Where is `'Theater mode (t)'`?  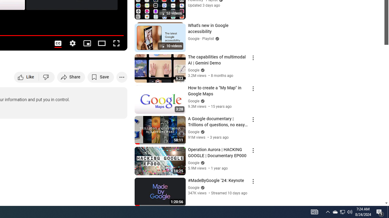
'Theater mode (t)' is located at coordinates (102, 43).